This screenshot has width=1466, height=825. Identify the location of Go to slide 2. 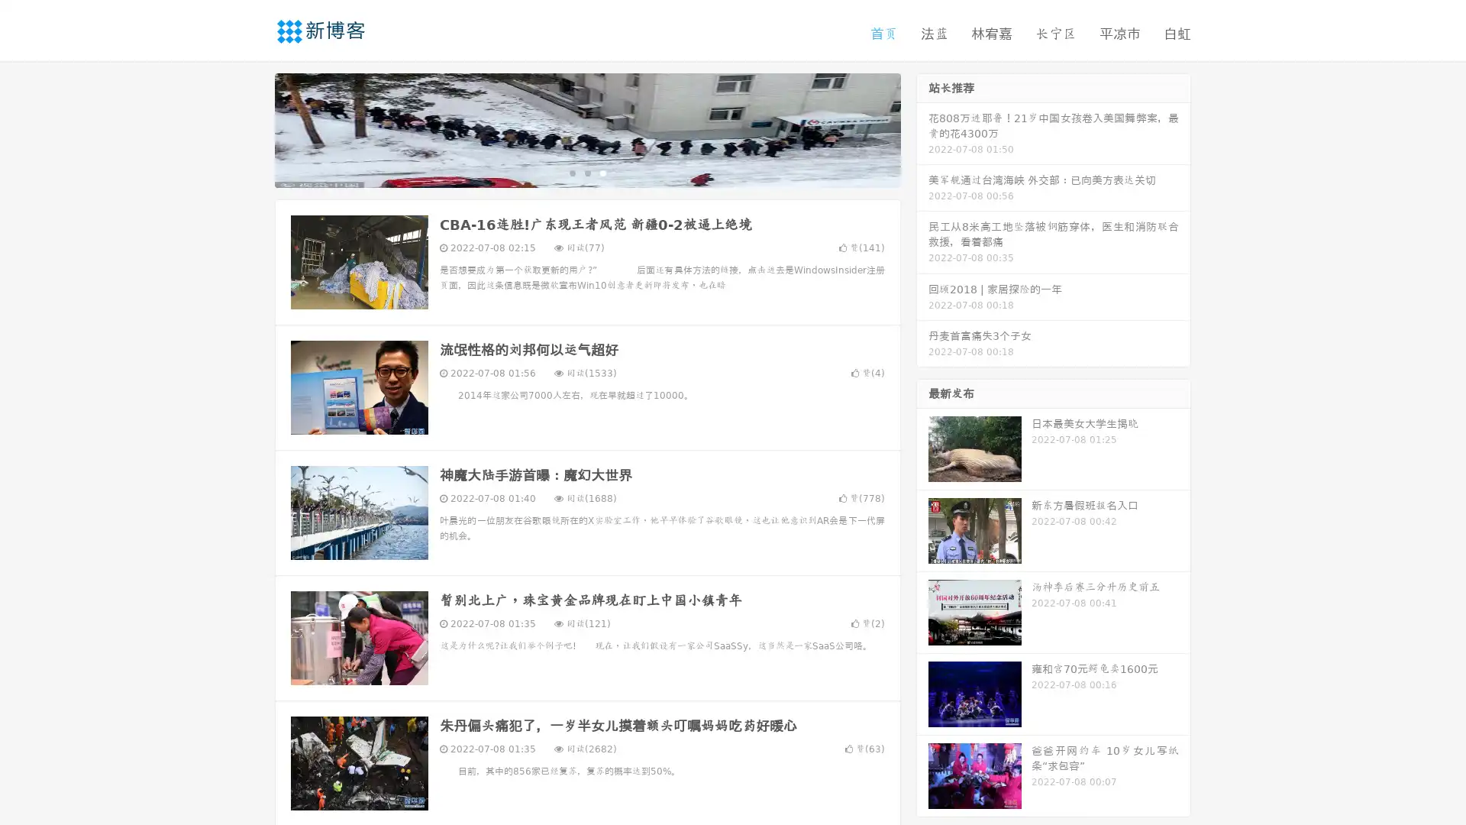
(586, 172).